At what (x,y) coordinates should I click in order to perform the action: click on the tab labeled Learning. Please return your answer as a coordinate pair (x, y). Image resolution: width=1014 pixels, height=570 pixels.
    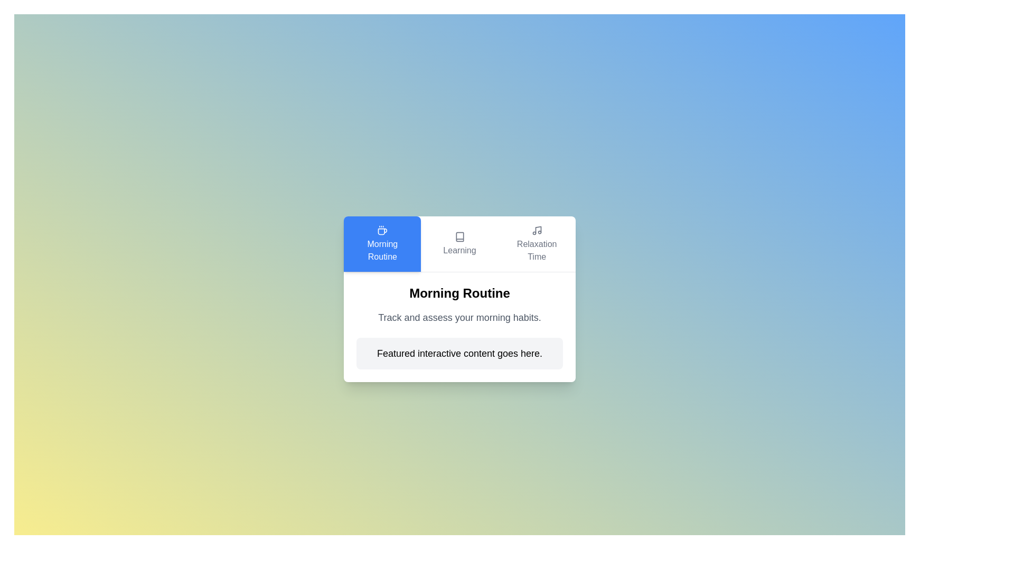
    Looking at the image, I should click on (459, 244).